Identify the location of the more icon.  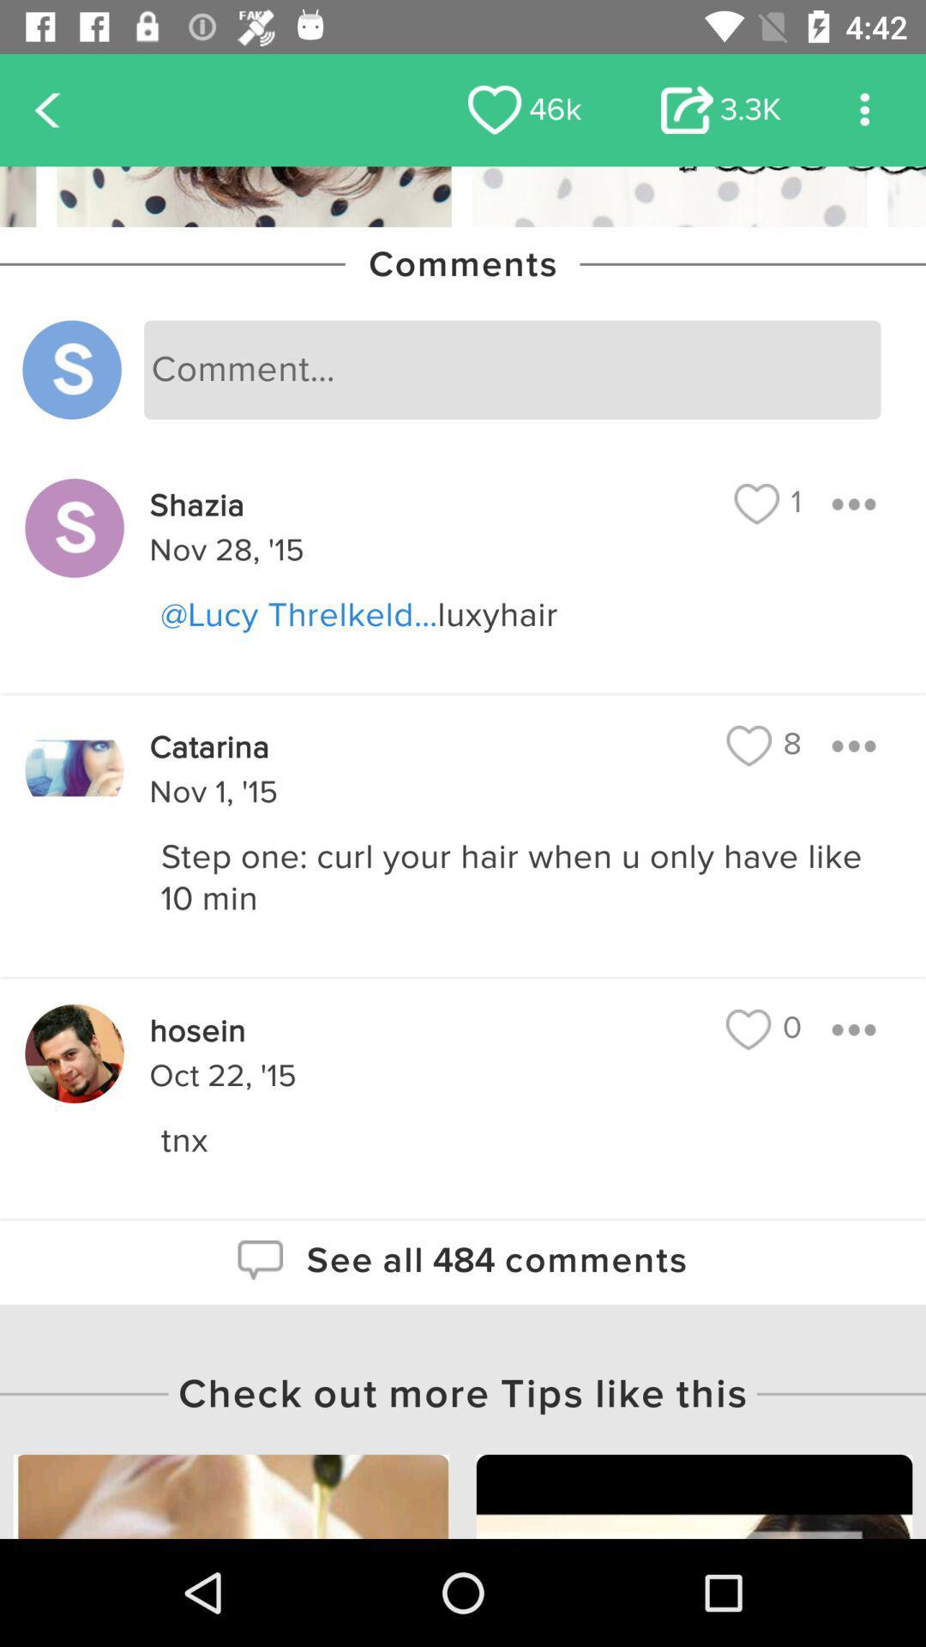
(864, 109).